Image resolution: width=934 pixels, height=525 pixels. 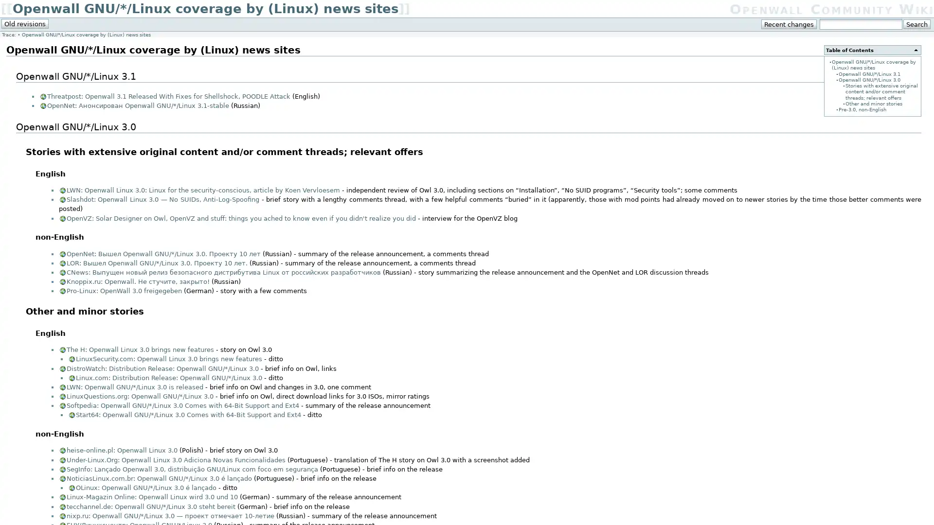 What do you see at coordinates (25, 23) in the screenshot?
I see `Old revisions` at bounding box center [25, 23].